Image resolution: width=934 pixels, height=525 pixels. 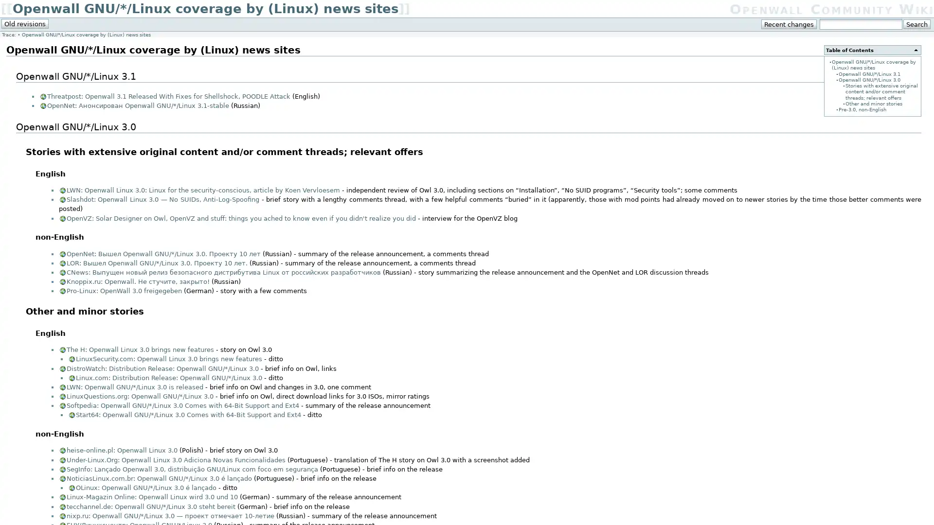 What do you see at coordinates (25, 23) in the screenshot?
I see `Old revisions` at bounding box center [25, 23].